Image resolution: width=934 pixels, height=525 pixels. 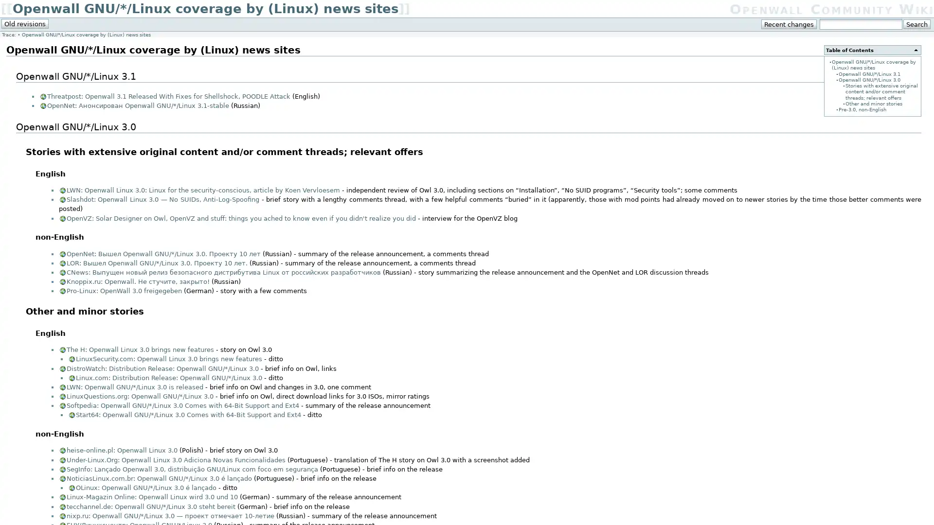 What do you see at coordinates (25, 23) in the screenshot?
I see `Old revisions` at bounding box center [25, 23].